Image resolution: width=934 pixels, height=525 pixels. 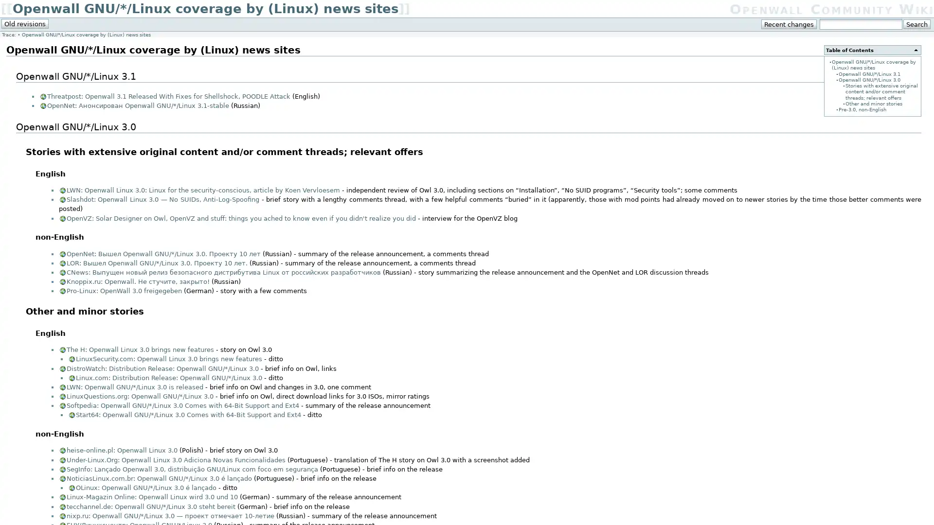 What do you see at coordinates (25, 23) in the screenshot?
I see `Old revisions` at bounding box center [25, 23].